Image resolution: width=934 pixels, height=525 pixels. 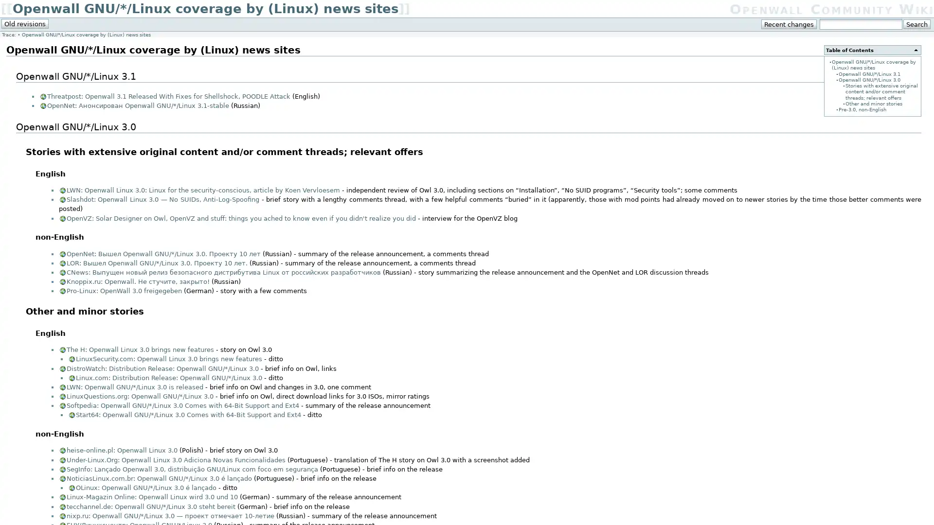 What do you see at coordinates (25, 23) in the screenshot?
I see `Old revisions` at bounding box center [25, 23].